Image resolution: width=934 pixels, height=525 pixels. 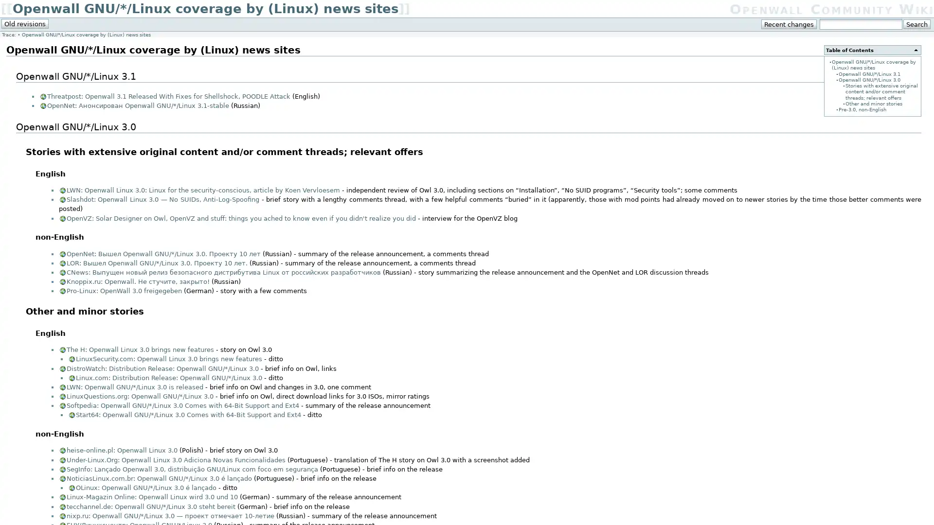 What do you see at coordinates (25, 23) in the screenshot?
I see `Old revisions` at bounding box center [25, 23].